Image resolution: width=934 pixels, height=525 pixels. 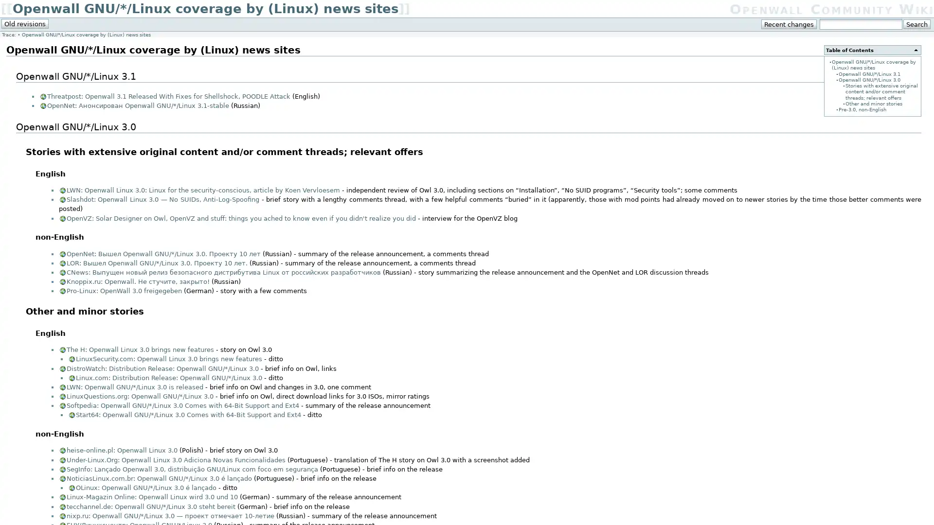 What do you see at coordinates (25, 23) in the screenshot?
I see `Old revisions` at bounding box center [25, 23].